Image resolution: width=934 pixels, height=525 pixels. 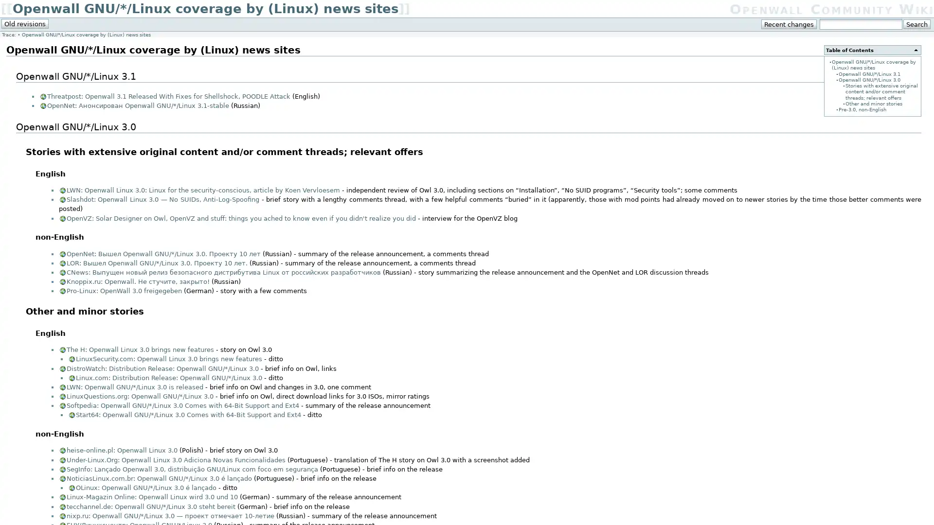 What do you see at coordinates (25, 23) in the screenshot?
I see `Old revisions` at bounding box center [25, 23].